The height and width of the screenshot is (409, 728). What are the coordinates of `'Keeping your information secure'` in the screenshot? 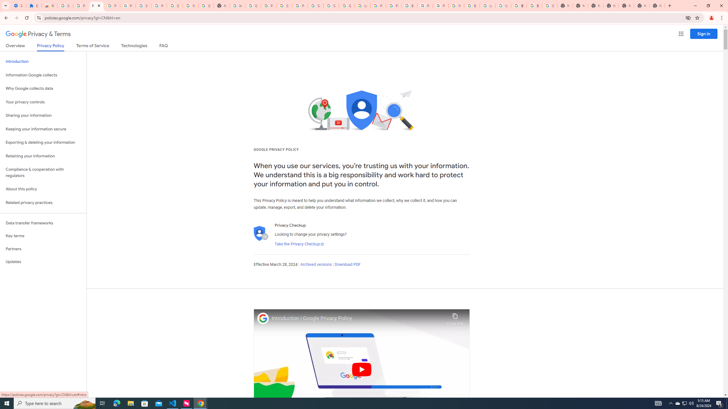 It's located at (43, 129).